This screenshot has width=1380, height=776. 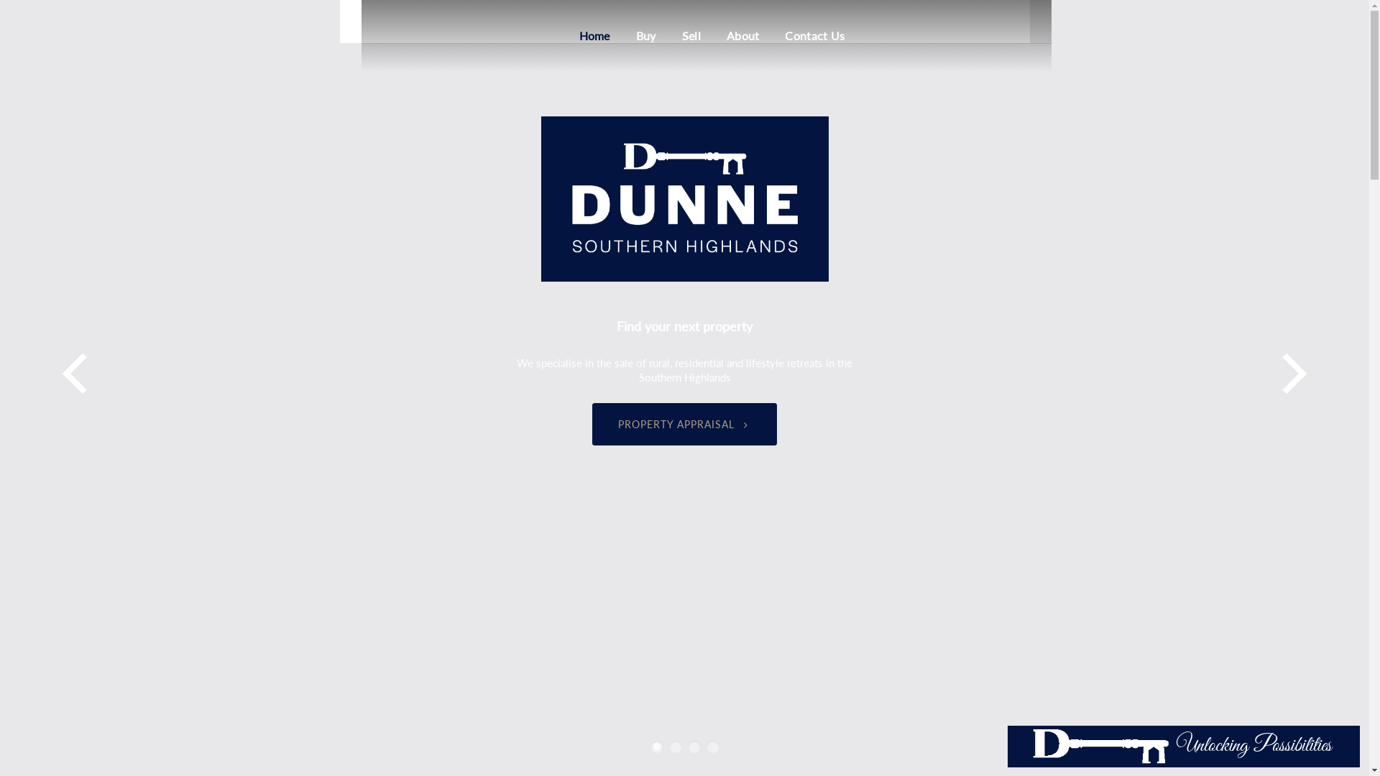 What do you see at coordinates (594, 35) in the screenshot?
I see `'Home'` at bounding box center [594, 35].